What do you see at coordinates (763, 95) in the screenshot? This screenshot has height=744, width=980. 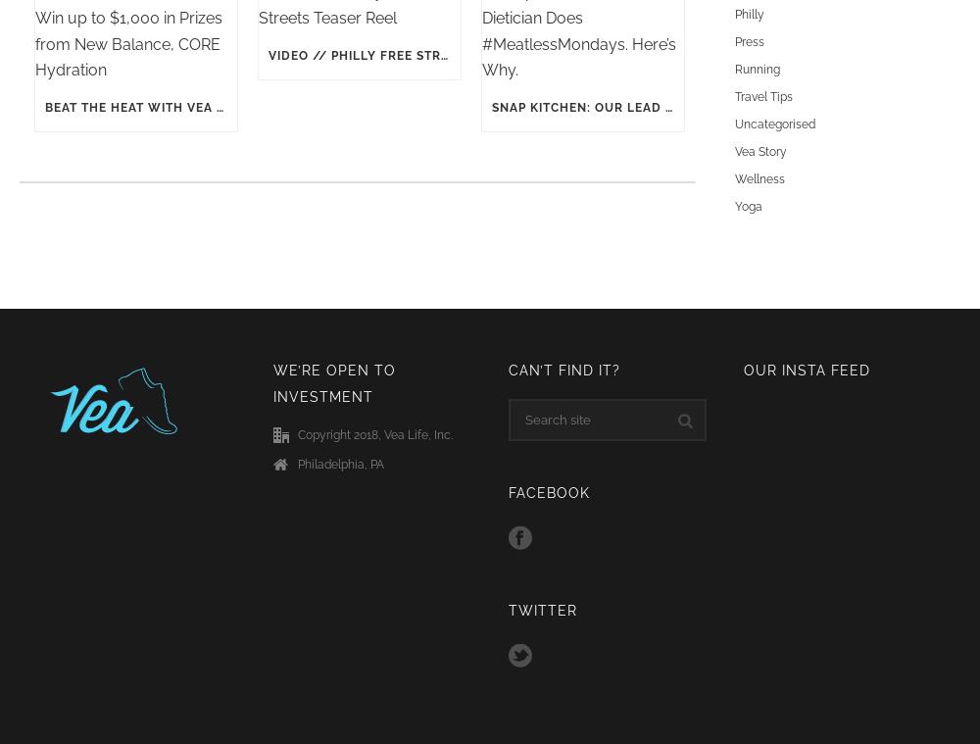 I see `'Travel Tips'` at bounding box center [763, 95].